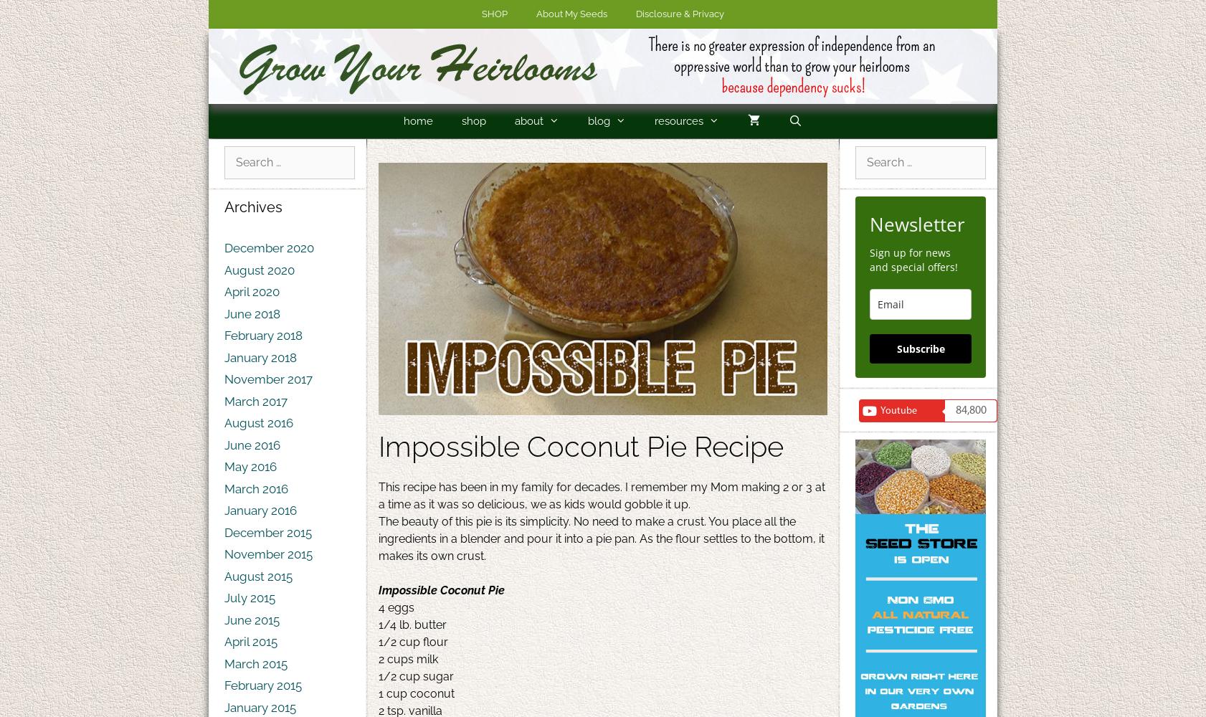 This screenshot has width=1206, height=717. What do you see at coordinates (571, 14) in the screenshot?
I see `'About My Seeds'` at bounding box center [571, 14].